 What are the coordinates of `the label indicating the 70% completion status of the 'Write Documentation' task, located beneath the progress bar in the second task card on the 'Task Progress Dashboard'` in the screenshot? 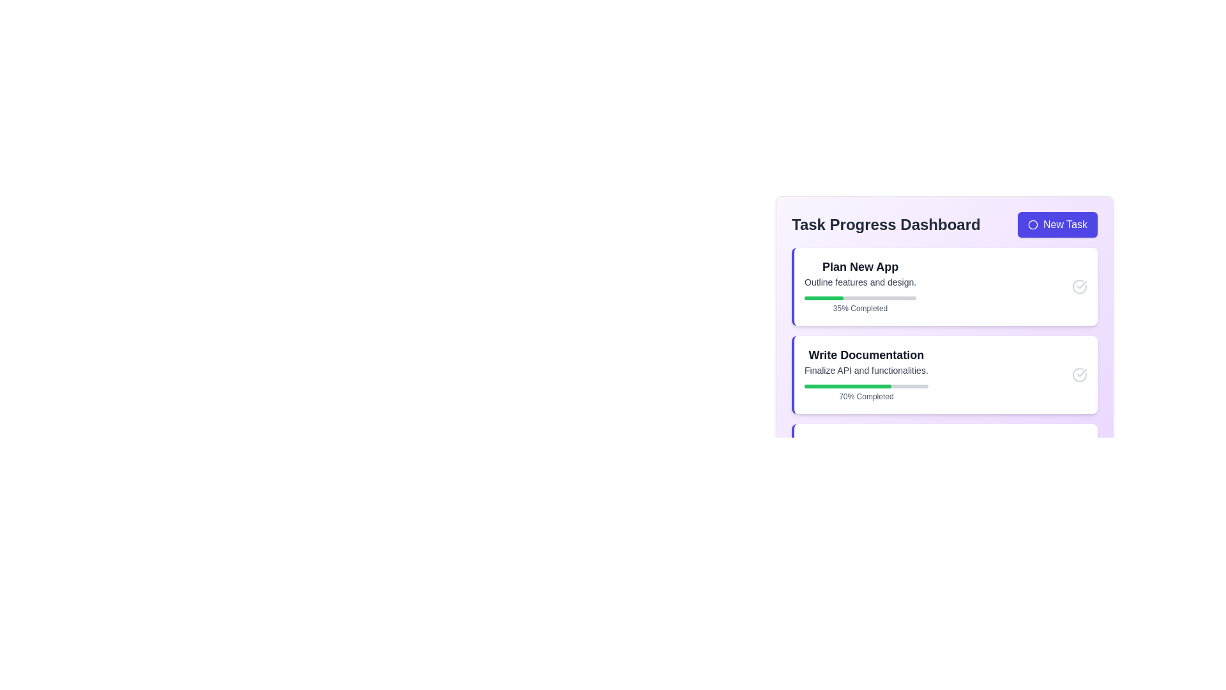 It's located at (866, 396).